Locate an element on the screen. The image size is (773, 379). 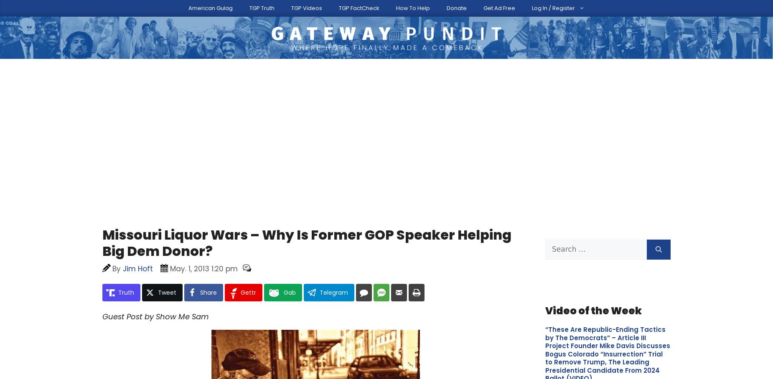
'Since many asked for it, we now have a way for you to support The Gateway Pundit directly - and get ad-reduced access.' is located at coordinates (338, 263).